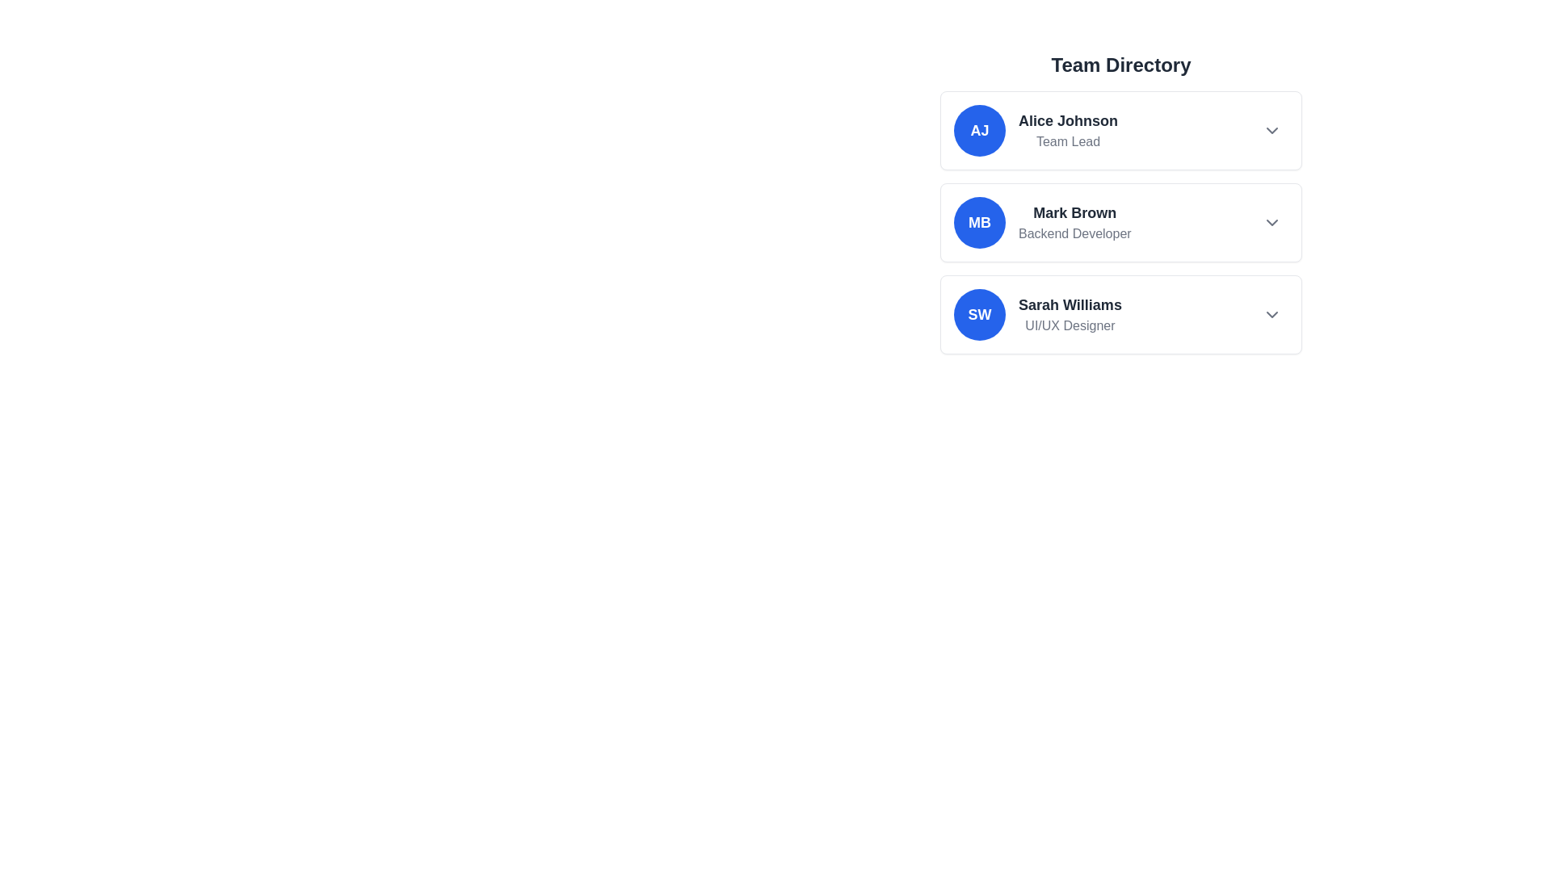 The width and height of the screenshot is (1551, 872). Describe the element at coordinates (1068, 120) in the screenshot. I see `the text label that serves as the title or name of the team member, located at the top center of the card above the 'Team Lead' text` at that location.